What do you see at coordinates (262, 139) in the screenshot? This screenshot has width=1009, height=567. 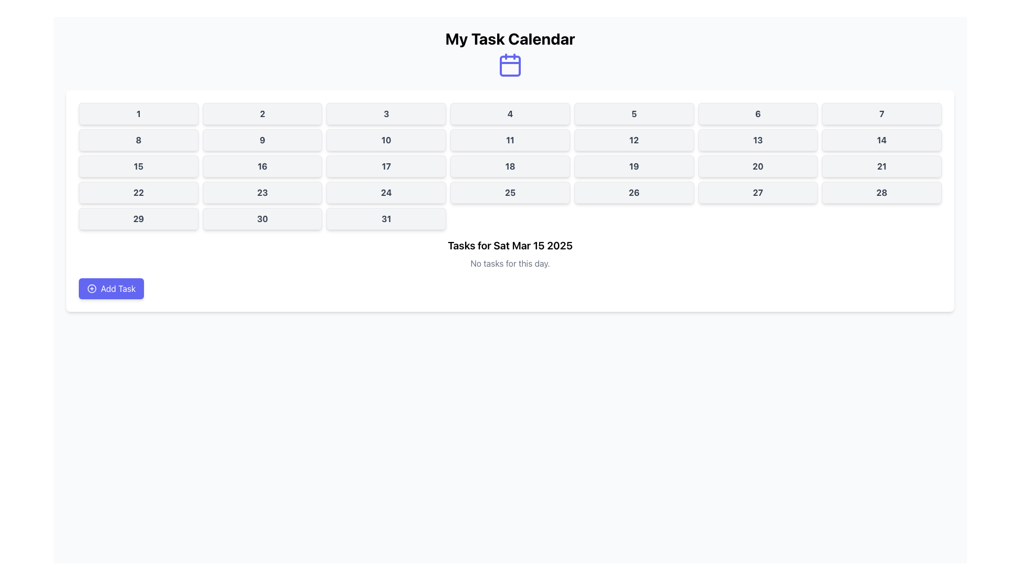 I see `the button labeled '9' which is styled with a light gray background and is located in the second row and second column of the grid layout` at bounding box center [262, 139].